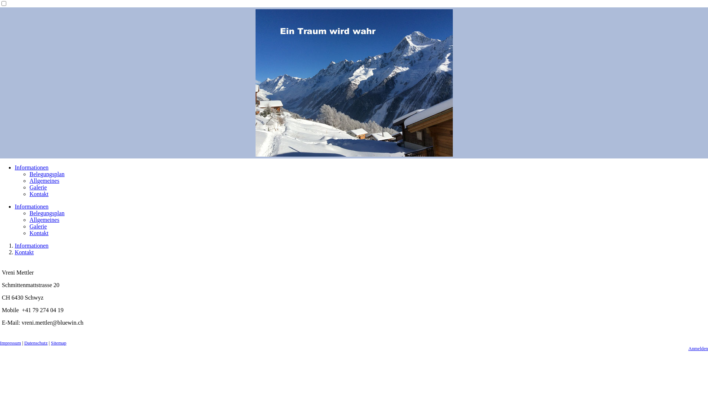 This screenshot has height=398, width=708. I want to click on 'Galerie', so click(38, 226).